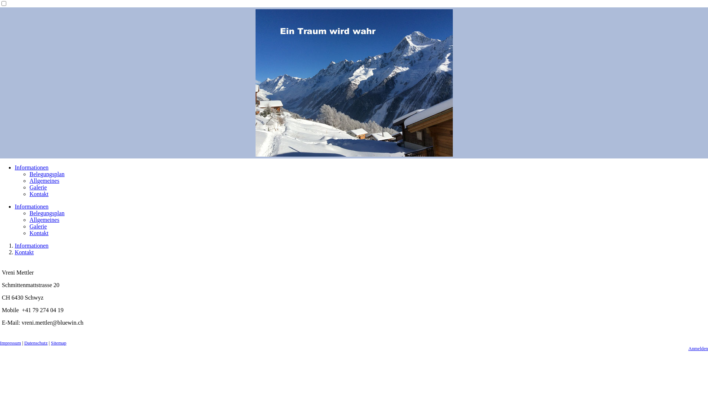 This screenshot has height=398, width=708. I want to click on 'Galerie', so click(38, 226).